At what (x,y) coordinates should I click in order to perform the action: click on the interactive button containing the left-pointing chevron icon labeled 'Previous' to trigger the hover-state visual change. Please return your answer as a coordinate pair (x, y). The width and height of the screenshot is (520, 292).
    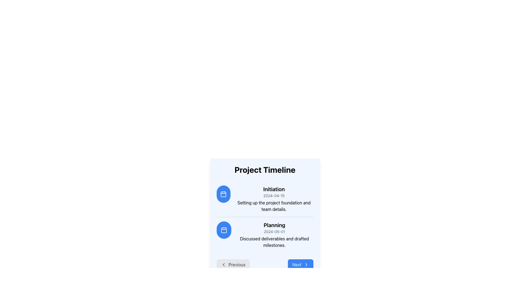
    Looking at the image, I should click on (223, 264).